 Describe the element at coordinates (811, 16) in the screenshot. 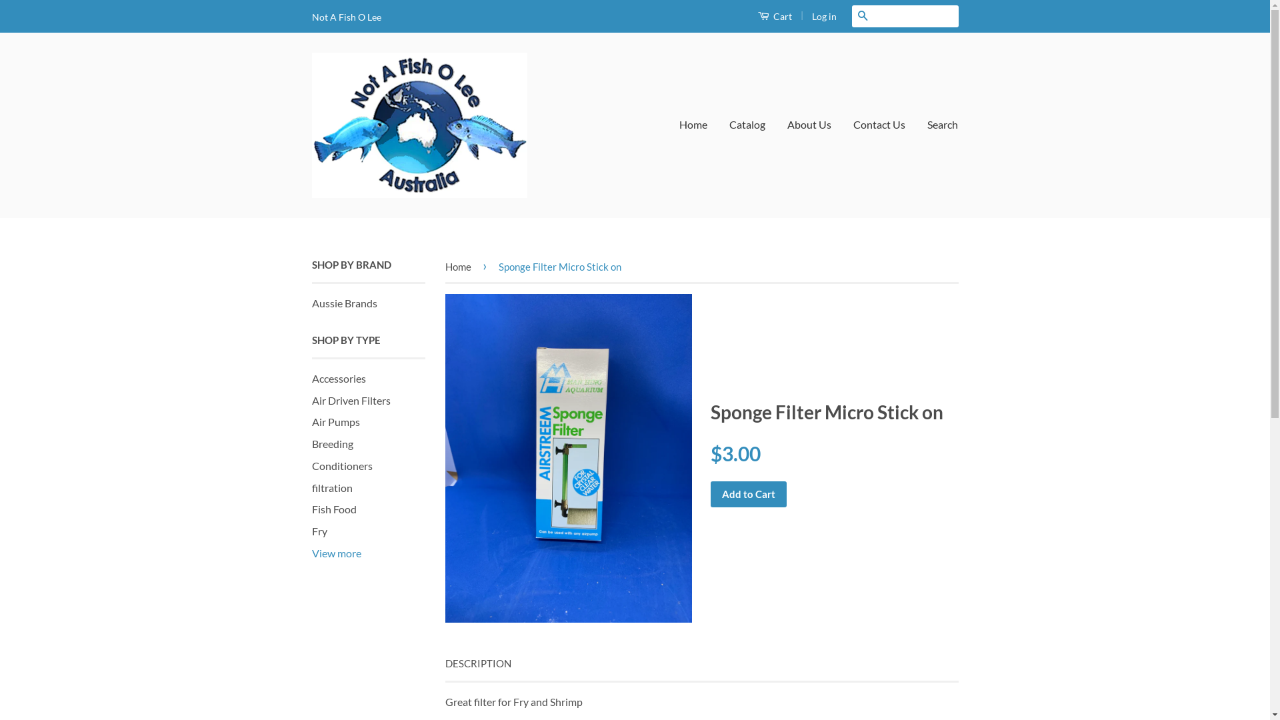

I see `'Log in'` at that location.